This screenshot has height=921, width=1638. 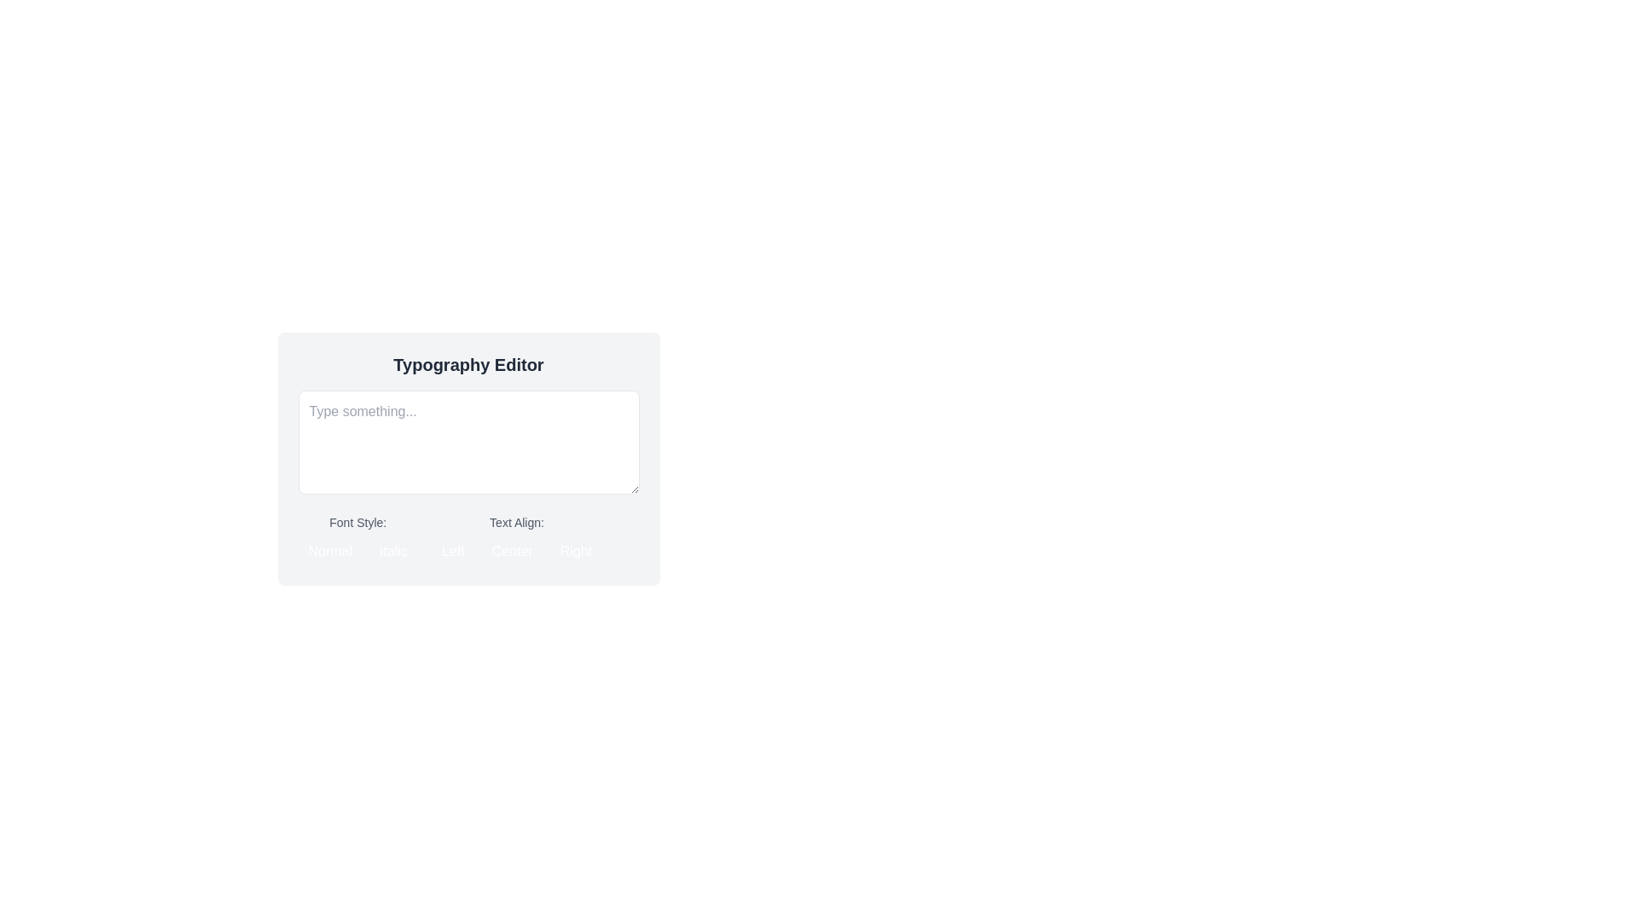 What do you see at coordinates (453, 552) in the screenshot?
I see `the leftmost 'Align Left' button in the 'Text Align' group of the 'Typography Editor' interface for keyboard interaction` at bounding box center [453, 552].